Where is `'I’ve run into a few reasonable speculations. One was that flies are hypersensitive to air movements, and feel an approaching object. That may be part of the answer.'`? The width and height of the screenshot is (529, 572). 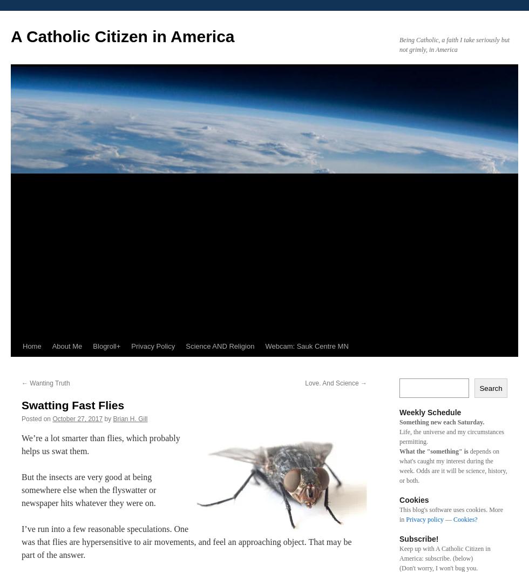 'I’ve run into a few reasonable speculations. One was that flies are hypersensitive to air movements, and feel an approaching object. That may be part of the answer.' is located at coordinates (186, 541).